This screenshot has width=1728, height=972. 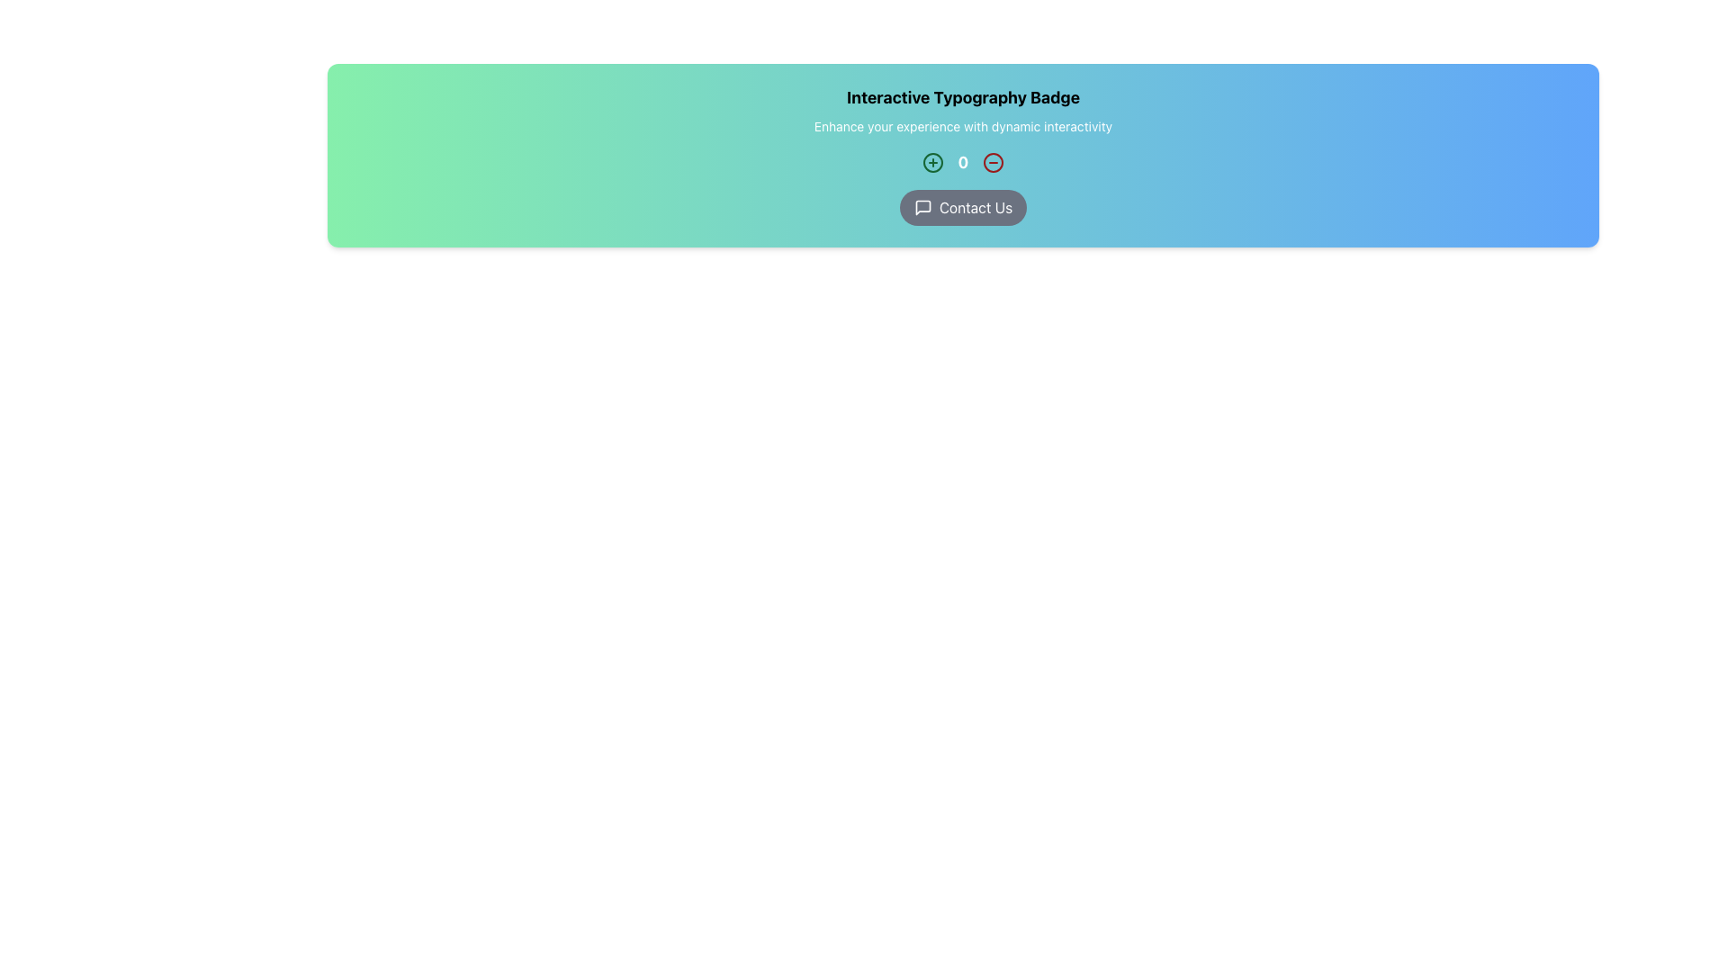 I want to click on the decorative SVG icon inside the 'Contact Us' button located in the lower part of the gradient color section of the page, so click(x=922, y=207).